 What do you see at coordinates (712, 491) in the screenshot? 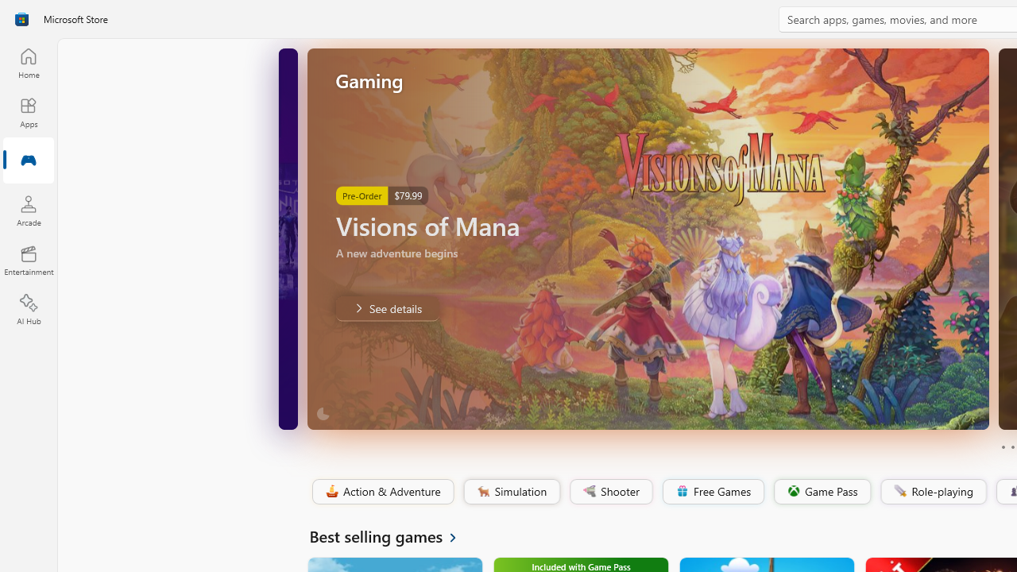
I see `'Free Games'` at bounding box center [712, 491].